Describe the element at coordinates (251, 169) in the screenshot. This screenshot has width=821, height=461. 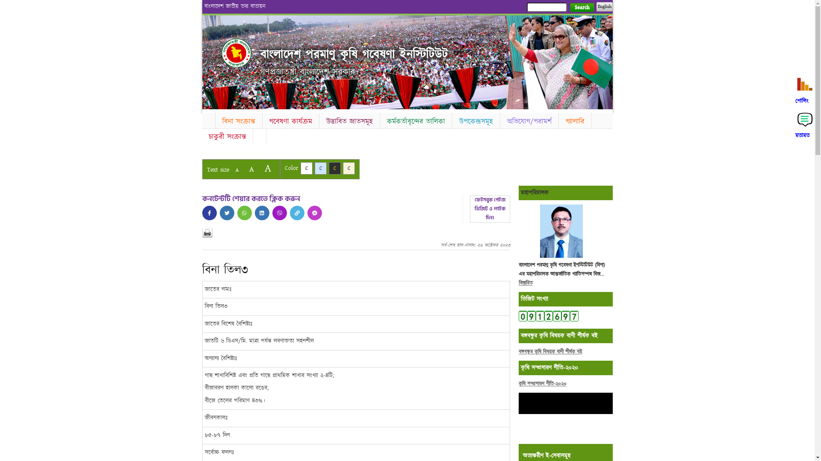
I see `'A'` at that location.